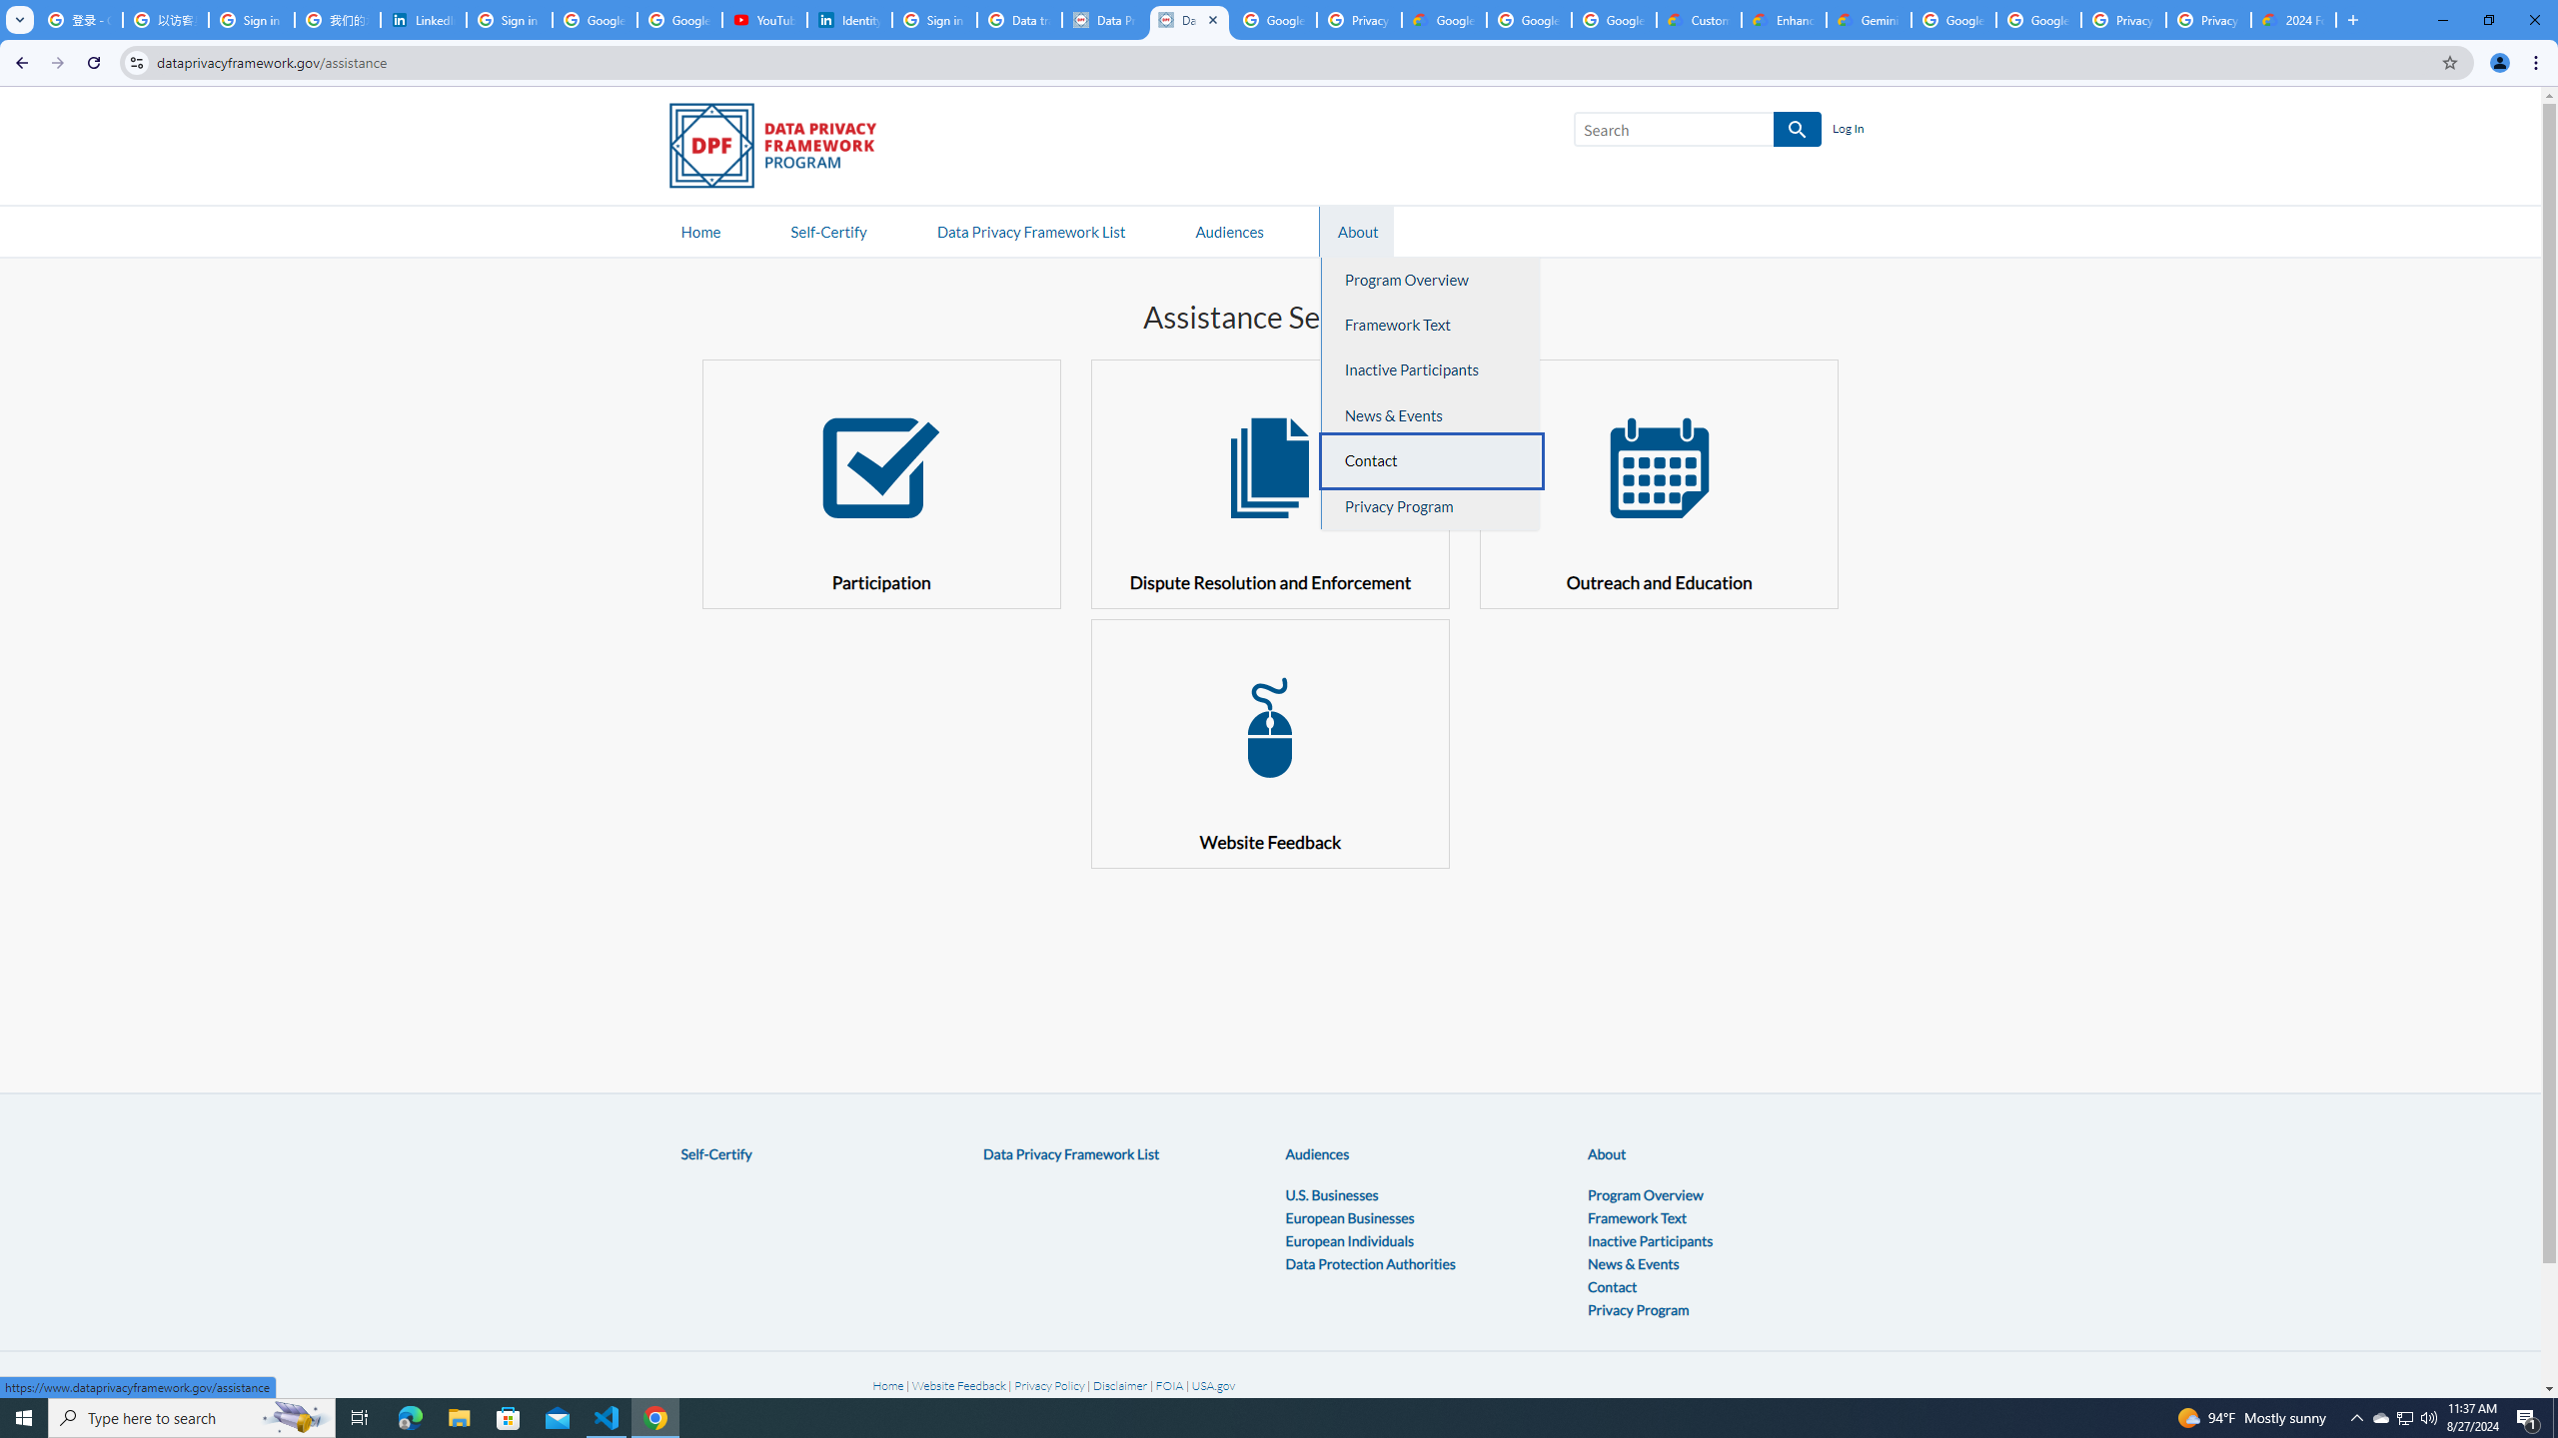 This screenshot has height=1438, width=2558. What do you see at coordinates (1952, 19) in the screenshot?
I see `'Google Cloud Platform'` at bounding box center [1952, 19].